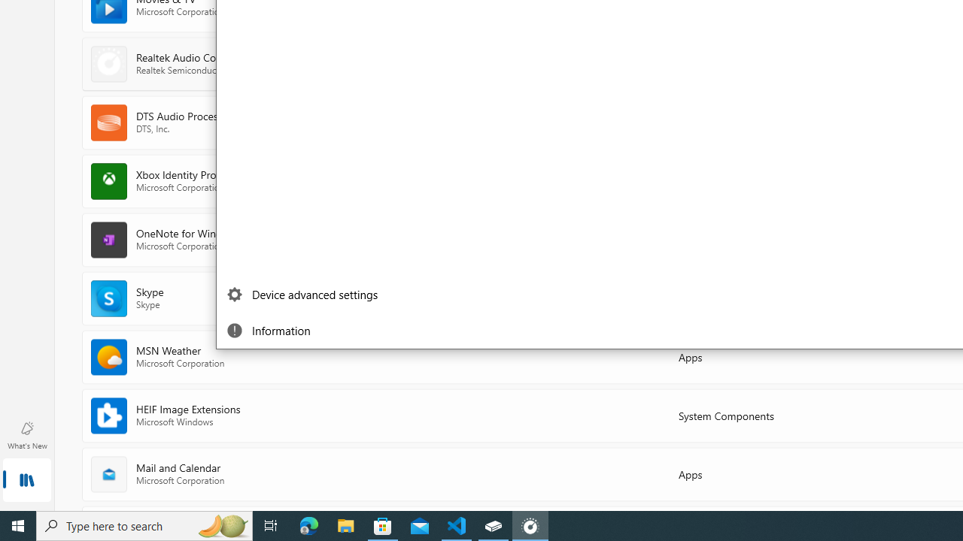 This screenshot has height=541, width=963. What do you see at coordinates (270, 524) in the screenshot?
I see `'Task View'` at bounding box center [270, 524].